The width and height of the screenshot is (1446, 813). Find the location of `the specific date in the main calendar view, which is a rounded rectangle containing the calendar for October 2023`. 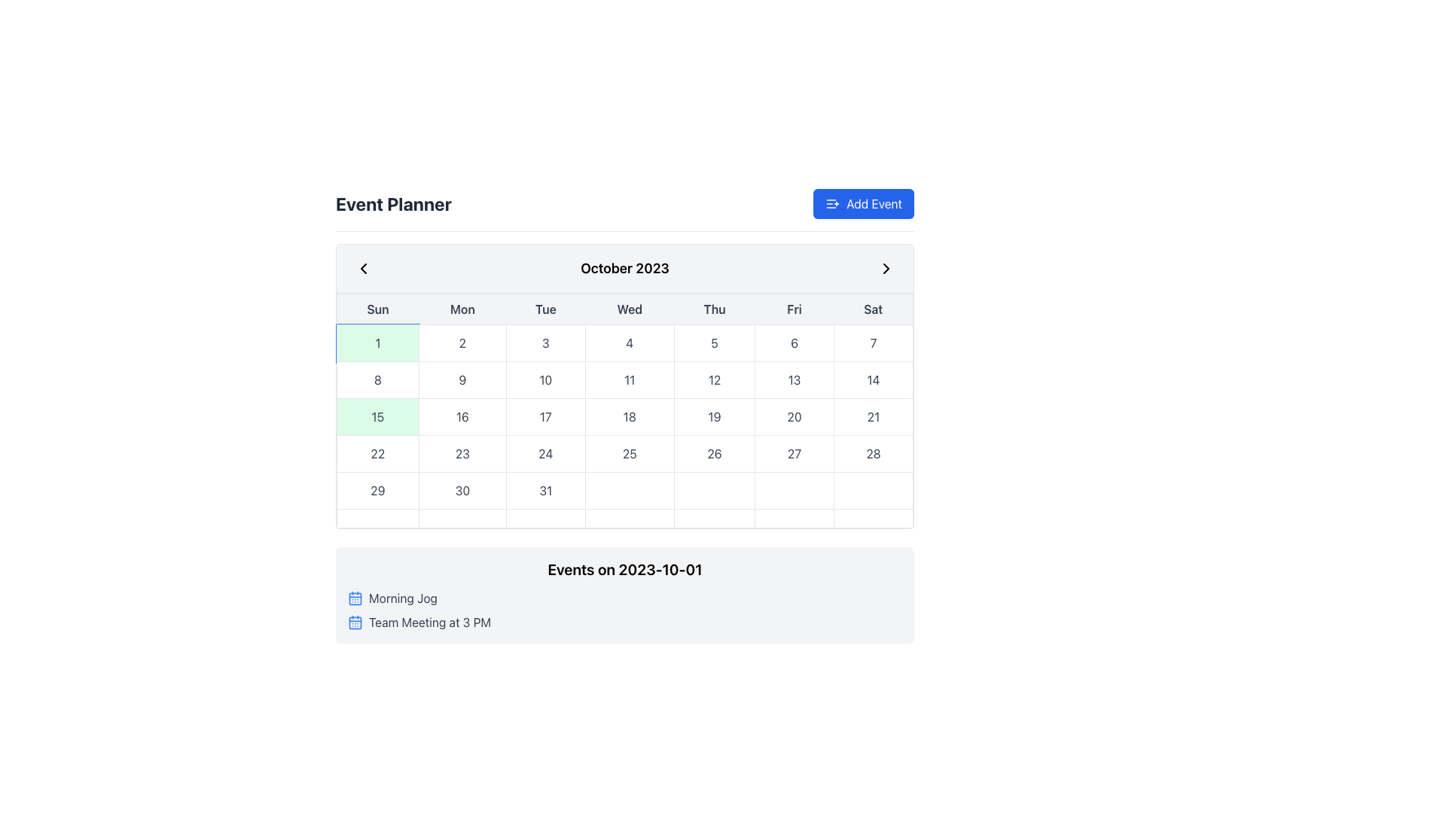

the specific date in the main calendar view, which is a rounded rectangle containing the calendar for October 2023 is located at coordinates (625, 385).